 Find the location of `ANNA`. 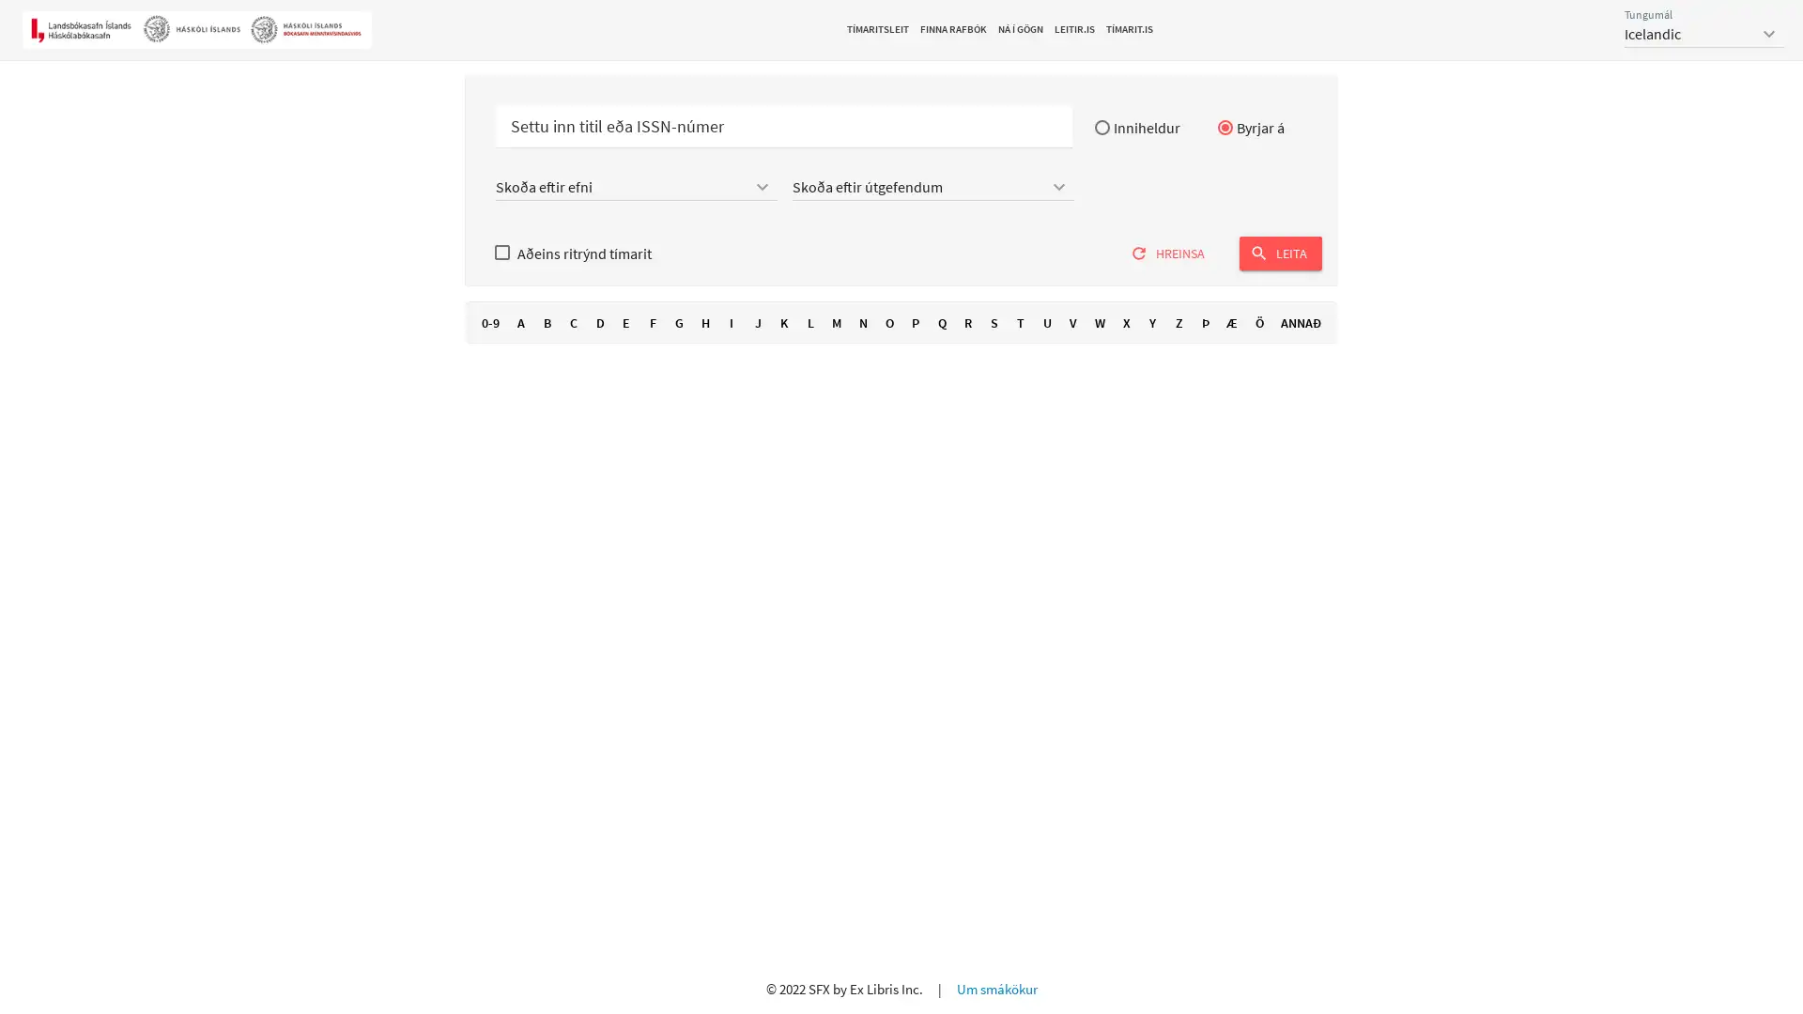

ANNA is located at coordinates (1300, 321).